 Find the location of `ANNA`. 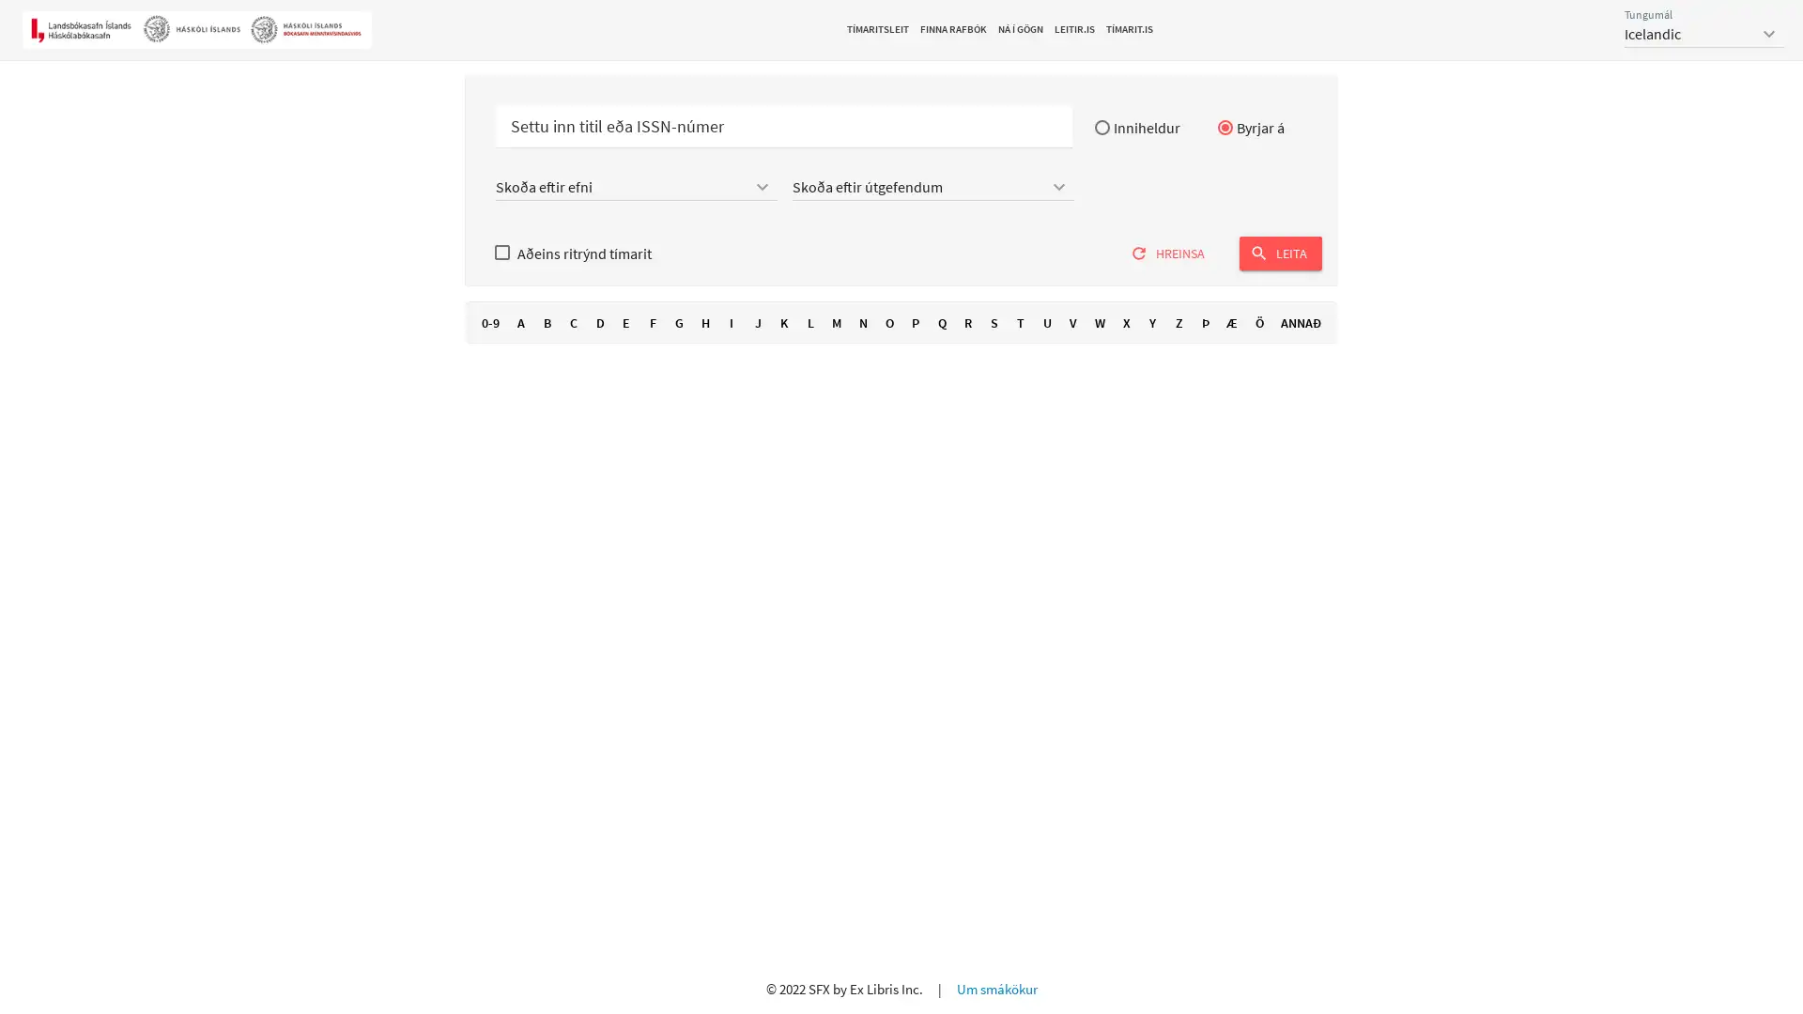

ANNA is located at coordinates (1300, 321).